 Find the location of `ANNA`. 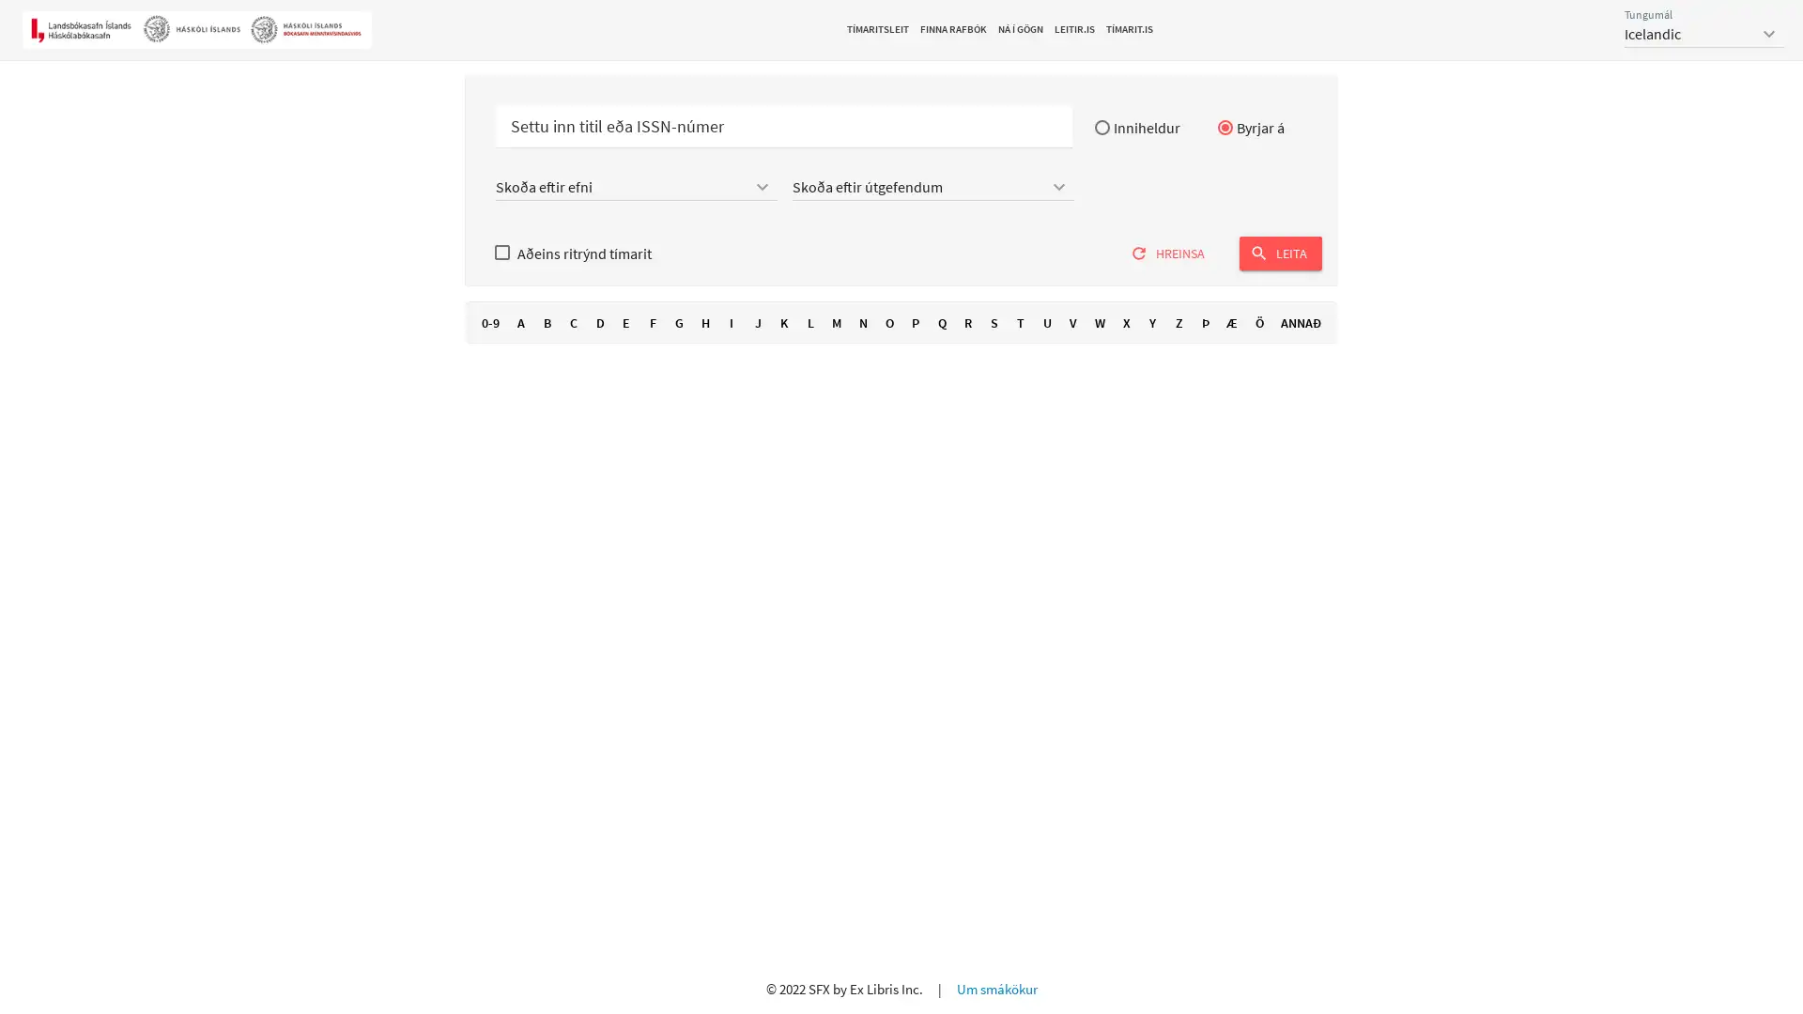

ANNA is located at coordinates (1300, 321).